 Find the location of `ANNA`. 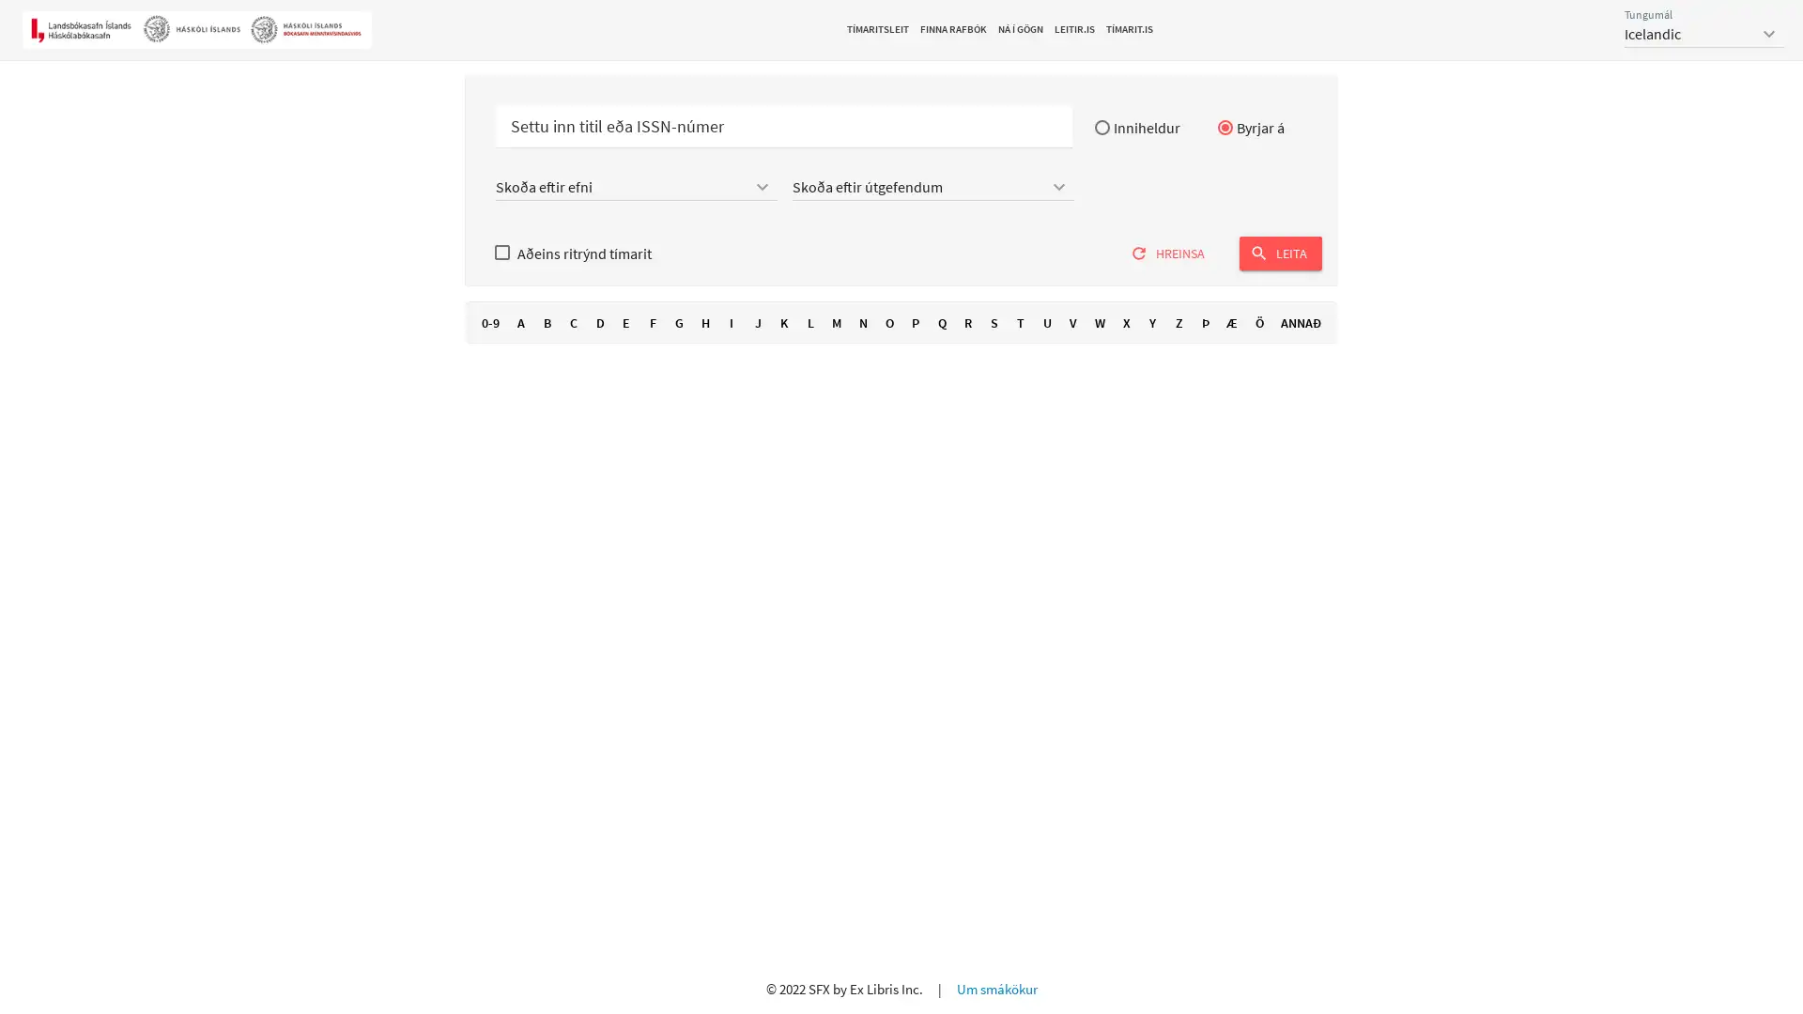

ANNA is located at coordinates (1300, 321).